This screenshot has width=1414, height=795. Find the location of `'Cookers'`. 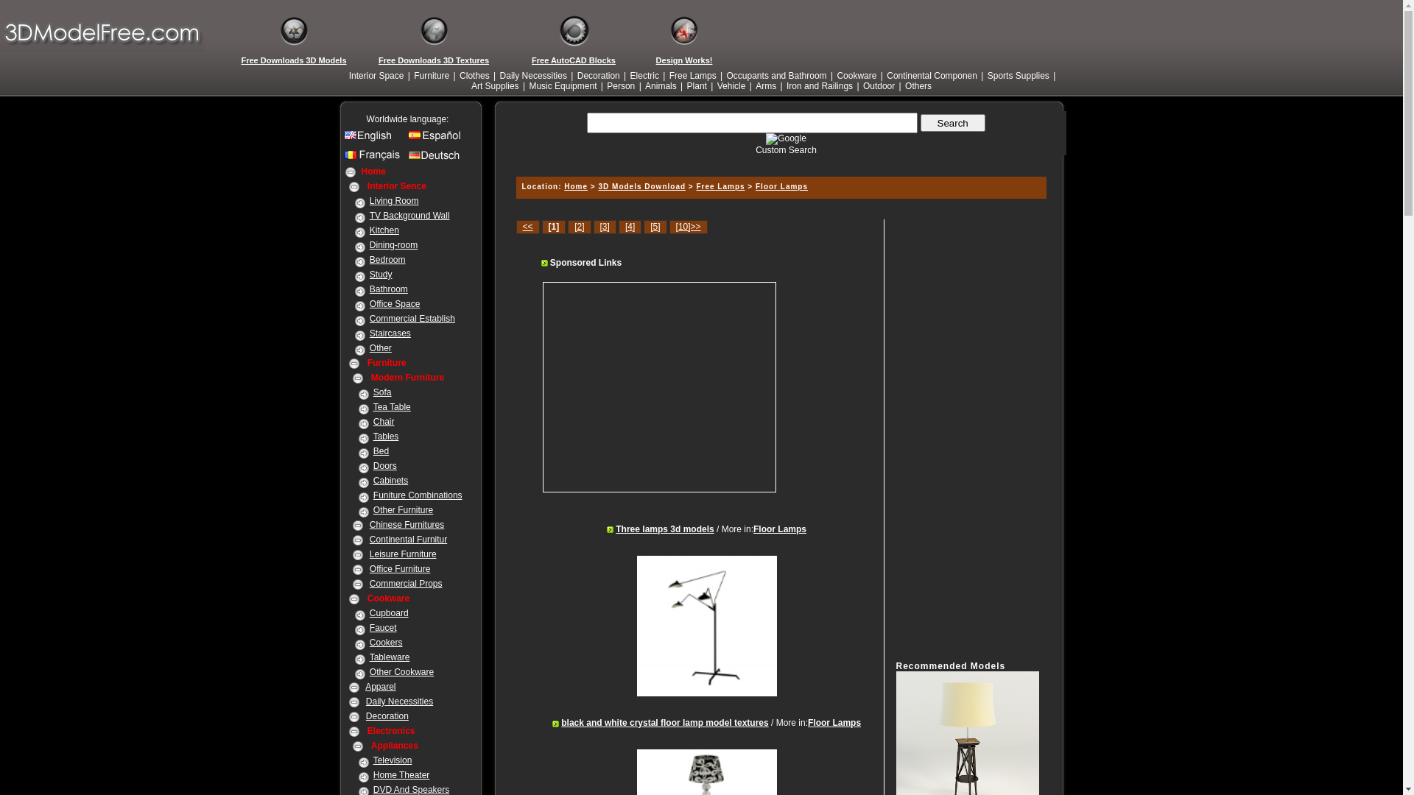

'Cookers' is located at coordinates (386, 641).